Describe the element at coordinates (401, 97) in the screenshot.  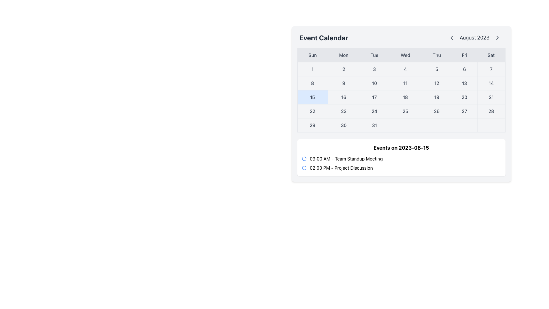
I see `the center of the Calendar Grid element` at that location.